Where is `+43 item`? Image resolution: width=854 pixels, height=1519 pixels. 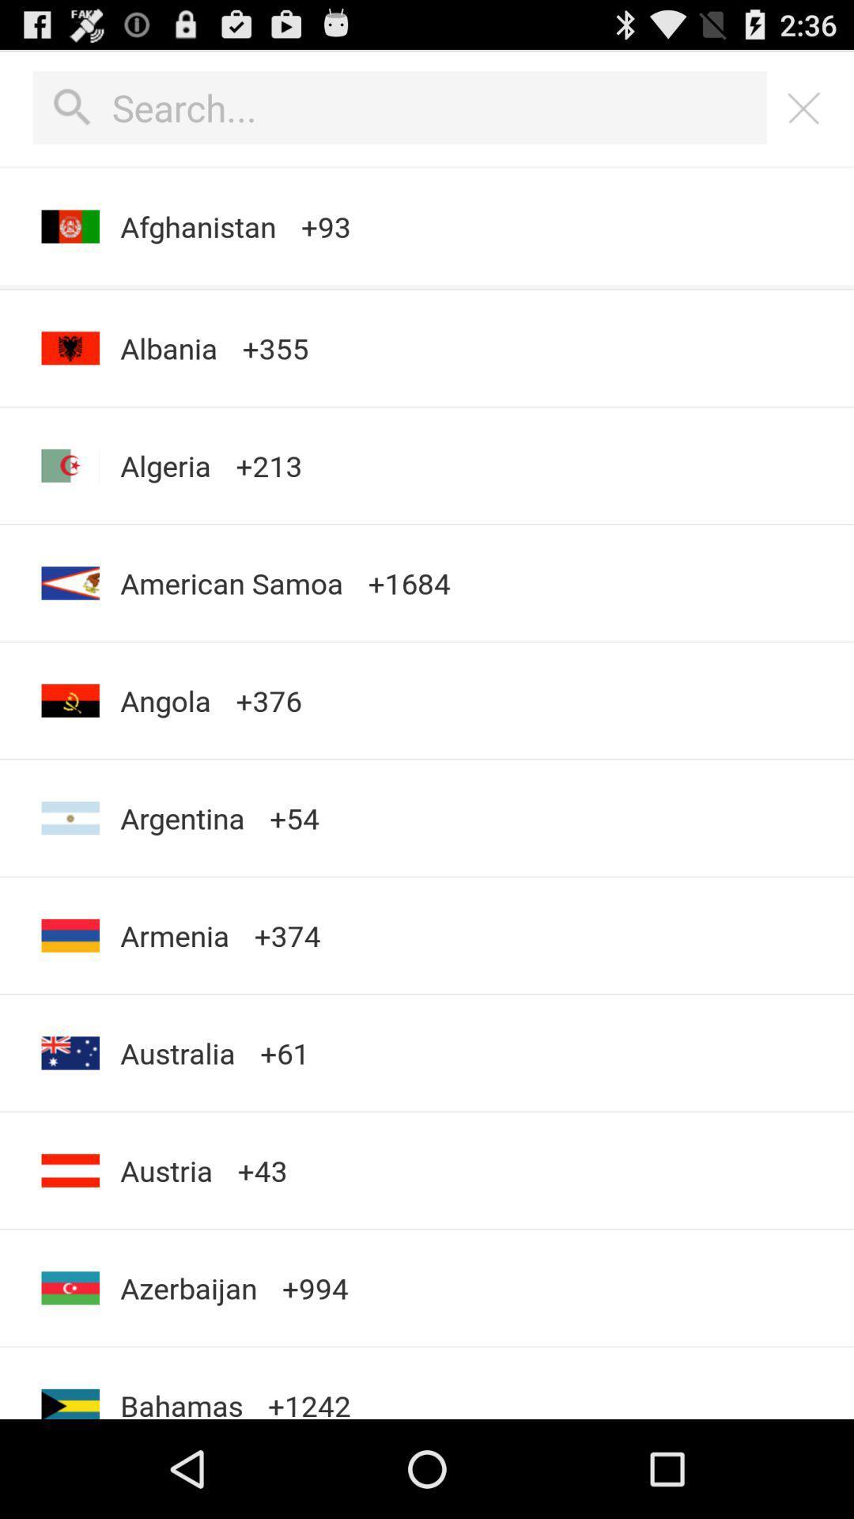
+43 item is located at coordinates (262, 1170).